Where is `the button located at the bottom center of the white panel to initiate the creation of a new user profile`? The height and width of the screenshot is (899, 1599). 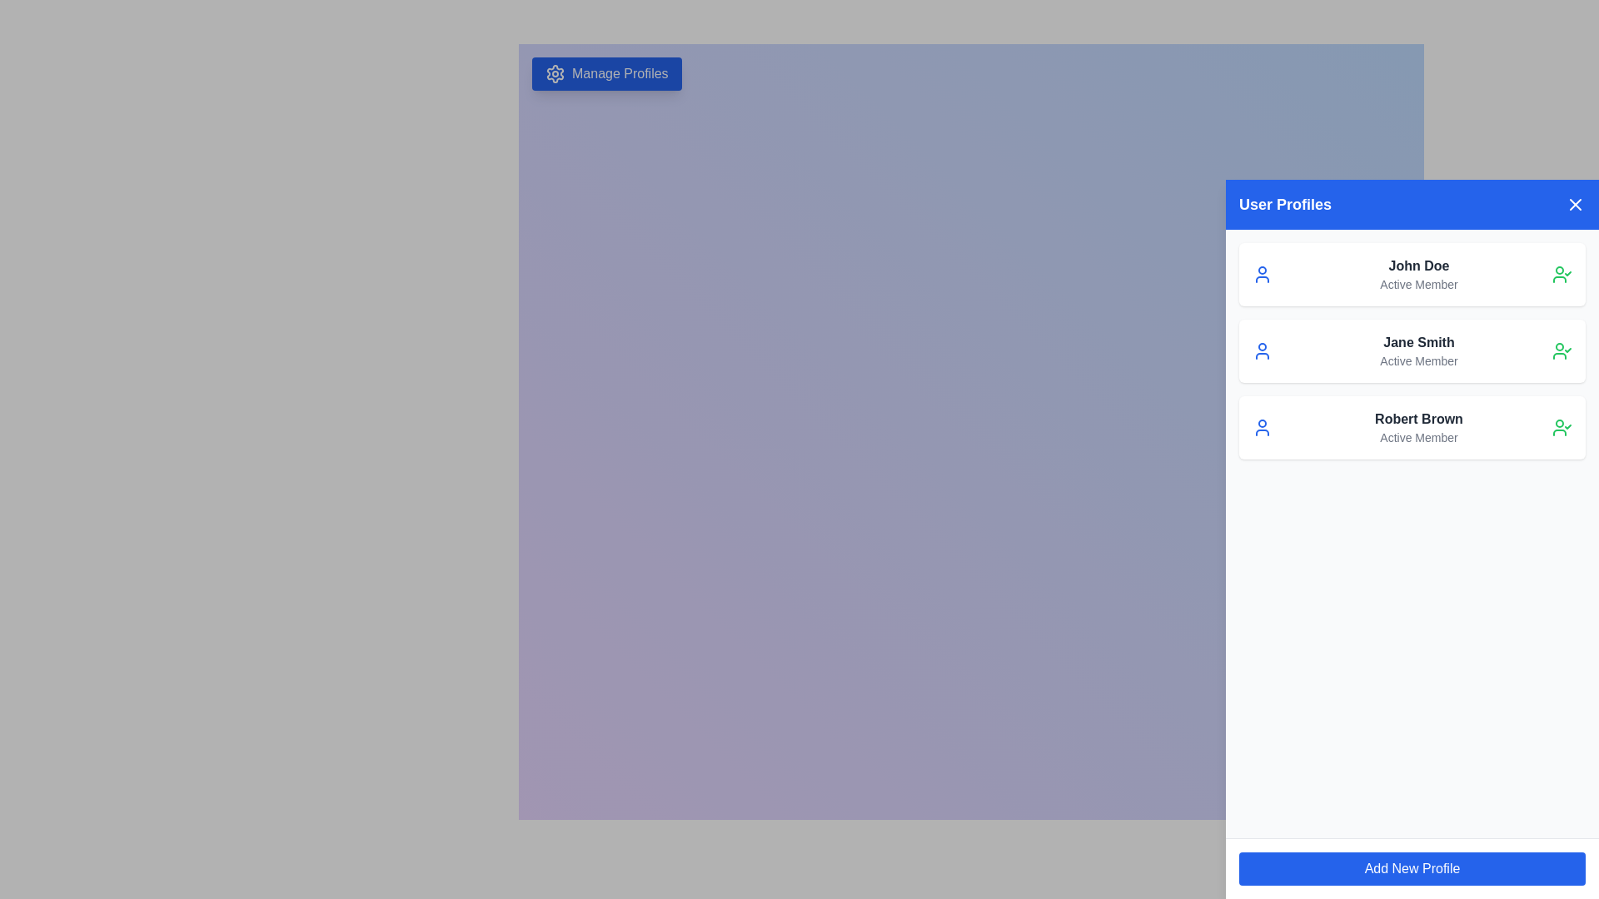
the button located at the bottom center of the white panel to initiate the creation of a new user profile is located at coordinates (1411, 868).